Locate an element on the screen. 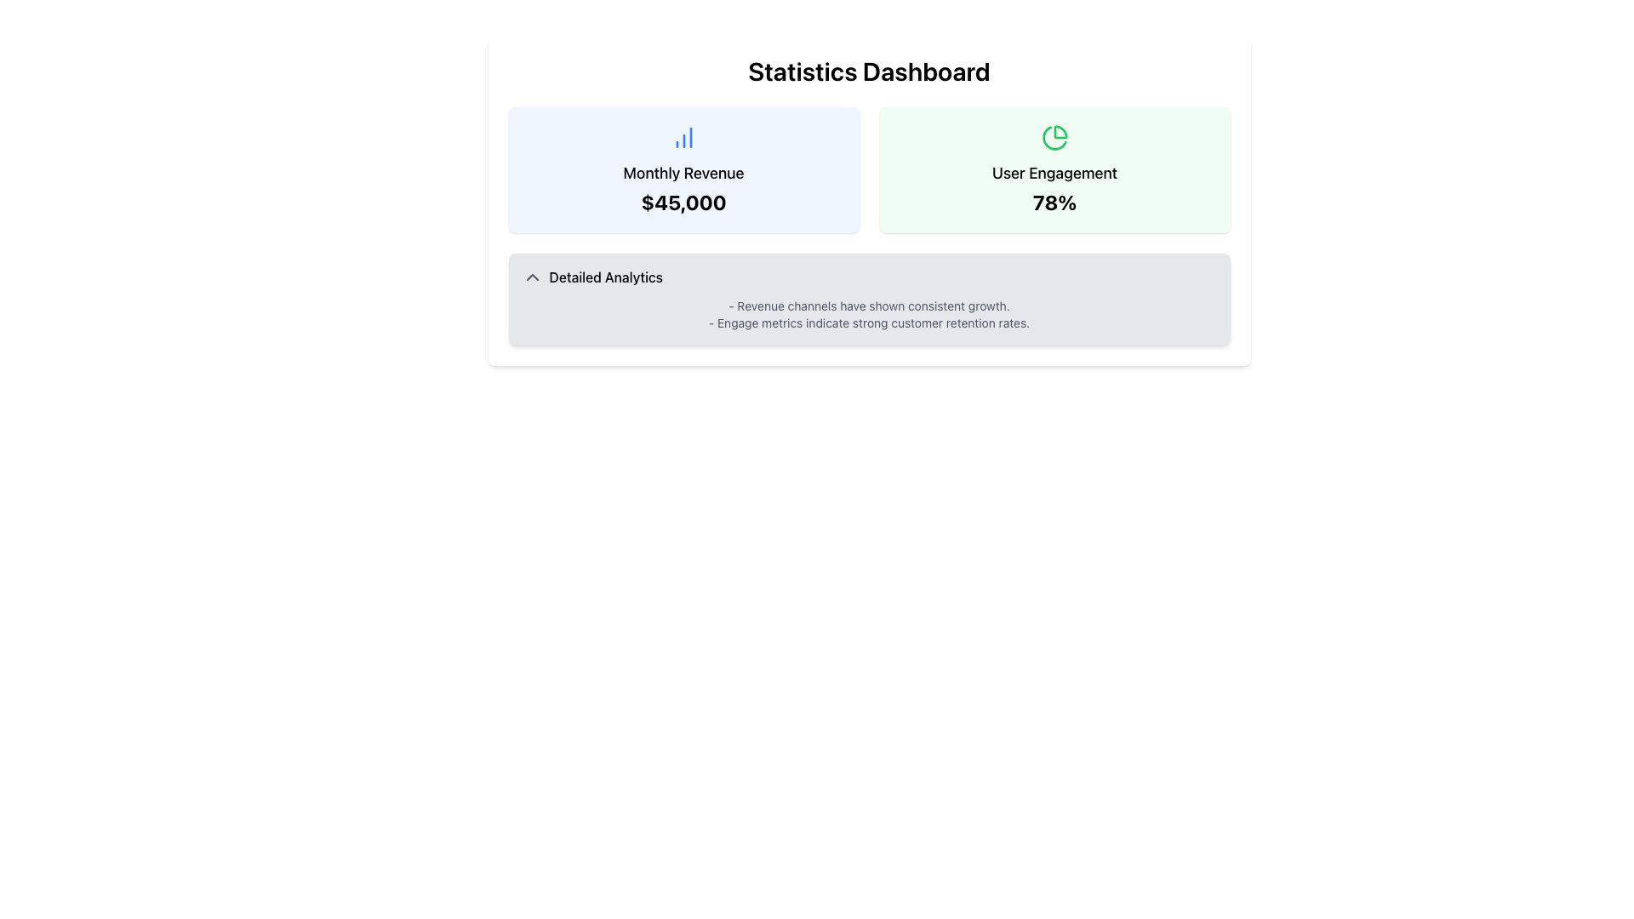 This screenshot has width=1634, height=919. the Informational Card that displays monthly revenue metrics, located in the left column below the 'Statistics Dashboard' heading is located at coordinates (683, 170).